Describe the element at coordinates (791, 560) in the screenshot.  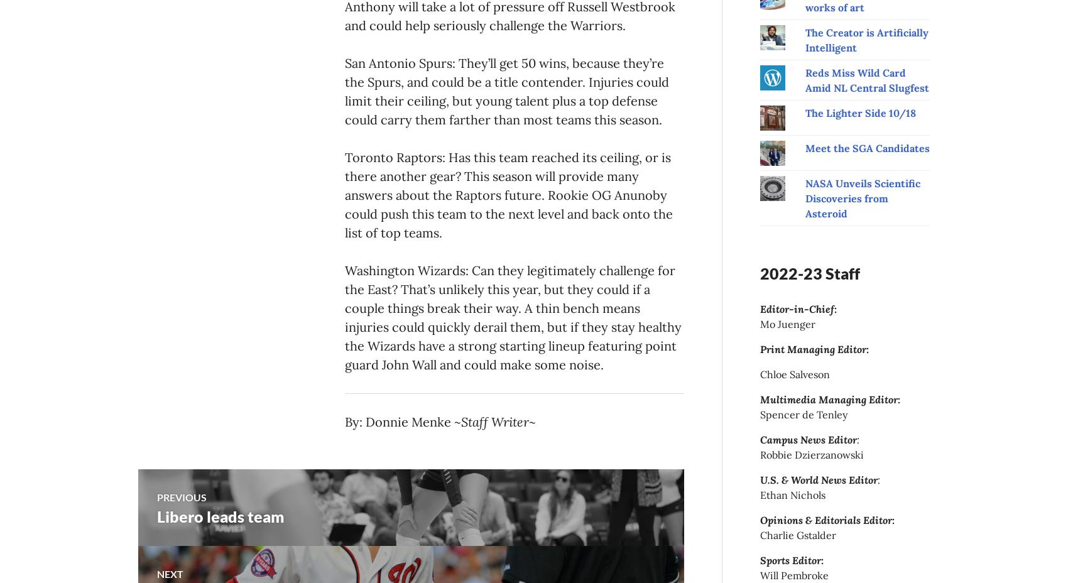
I see `'Sports Editor:'` at that location.